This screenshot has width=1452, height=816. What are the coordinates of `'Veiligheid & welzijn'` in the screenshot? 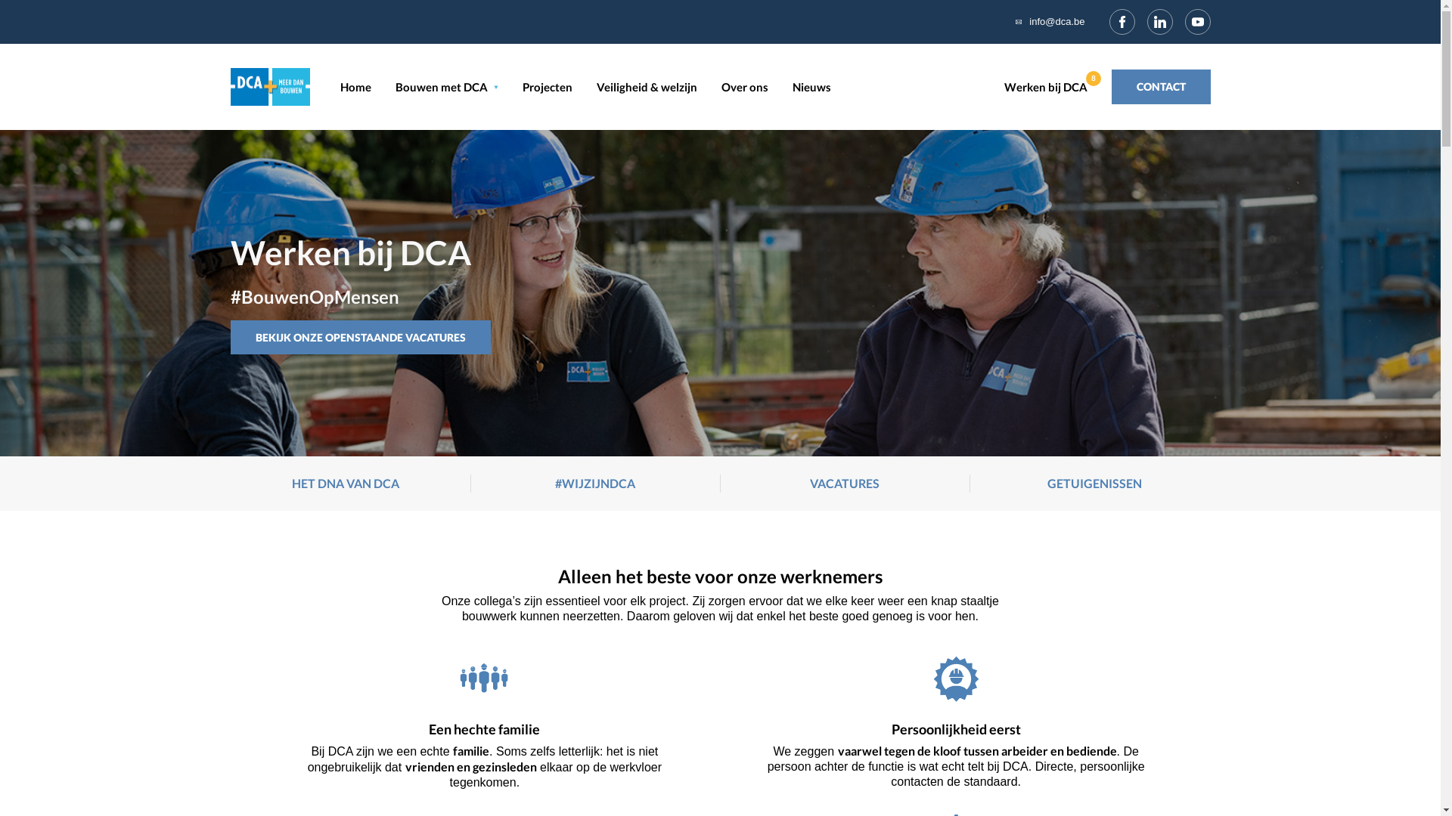 It's located at (646, 87).